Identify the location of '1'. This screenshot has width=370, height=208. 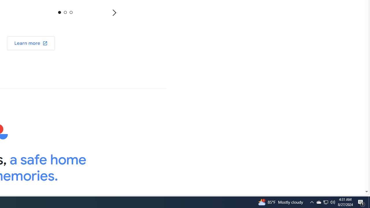
(65, 12).